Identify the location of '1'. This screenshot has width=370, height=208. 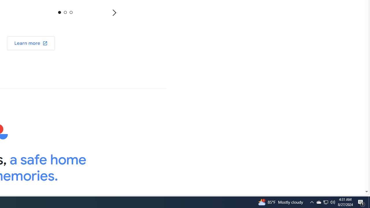
(65, 12).